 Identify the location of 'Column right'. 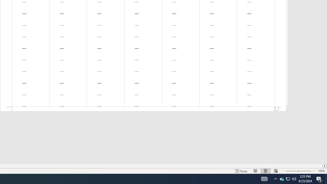
(324, 166).